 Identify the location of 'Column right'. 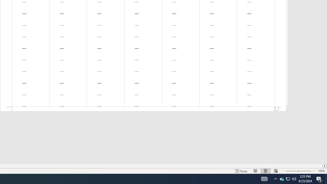
(324, 166).